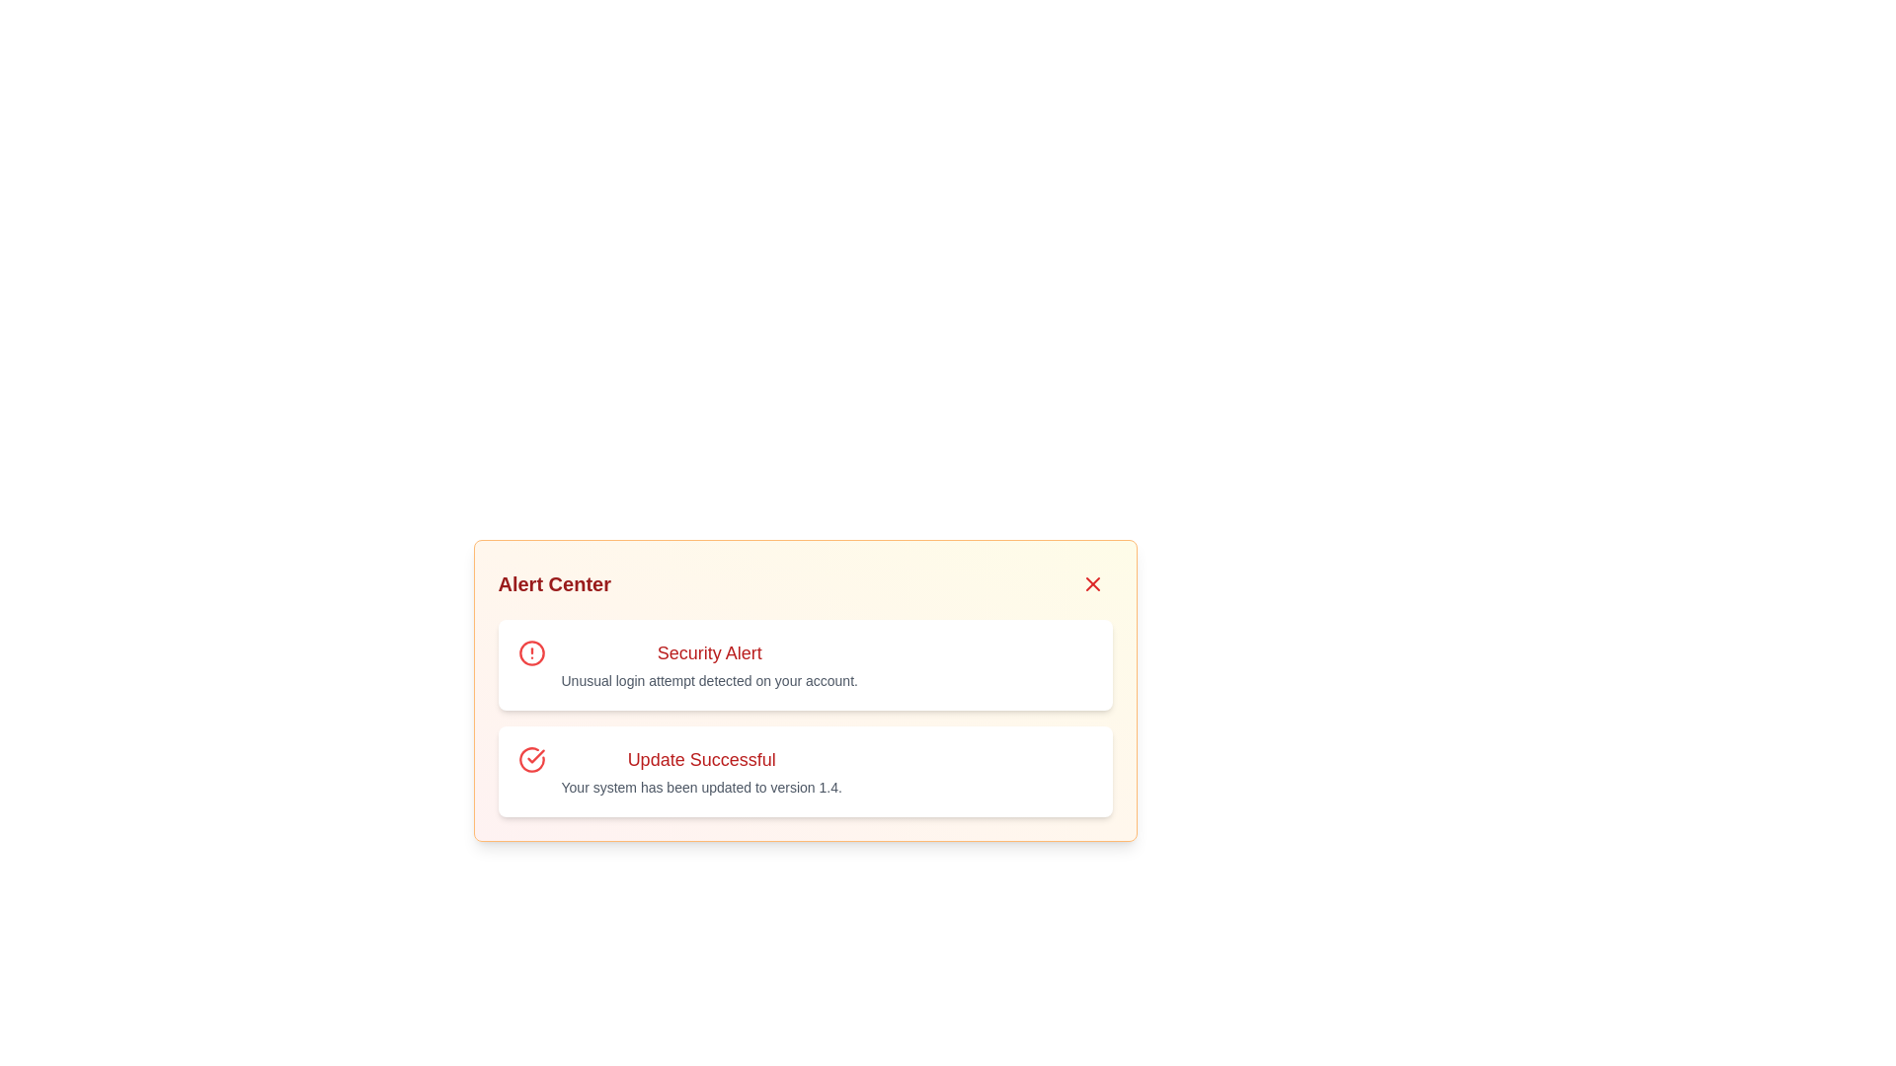 This screenshot has width=1896, height=1066. I want to click on the warning circle icon that indicates a security alert, located to the left of the 'Security Alert' text, so click(531, 653).